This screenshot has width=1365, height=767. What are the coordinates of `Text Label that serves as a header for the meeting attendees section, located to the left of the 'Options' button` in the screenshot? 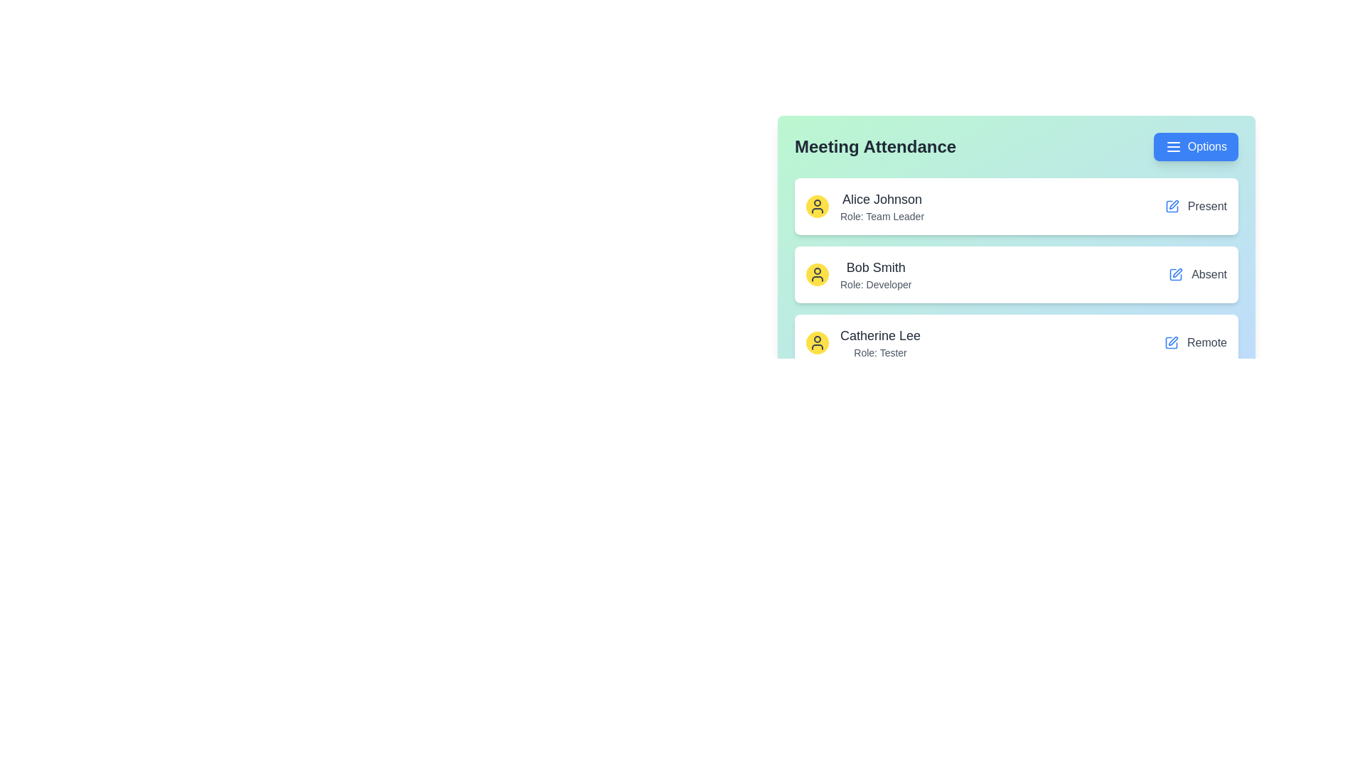 It's located at (874, 147).